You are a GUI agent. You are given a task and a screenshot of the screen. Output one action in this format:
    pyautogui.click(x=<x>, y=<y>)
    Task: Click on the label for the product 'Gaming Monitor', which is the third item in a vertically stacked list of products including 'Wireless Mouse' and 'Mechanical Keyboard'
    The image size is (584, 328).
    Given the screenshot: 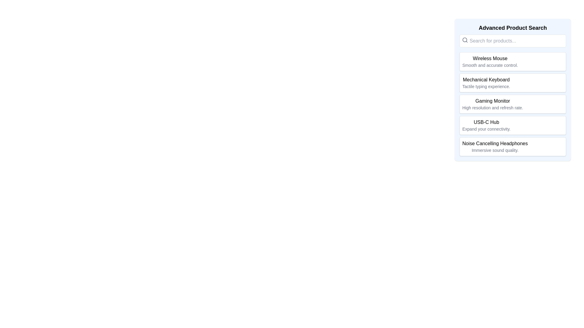 What is the action you would take?
    pyautogui.click(x=493, y=101)
    